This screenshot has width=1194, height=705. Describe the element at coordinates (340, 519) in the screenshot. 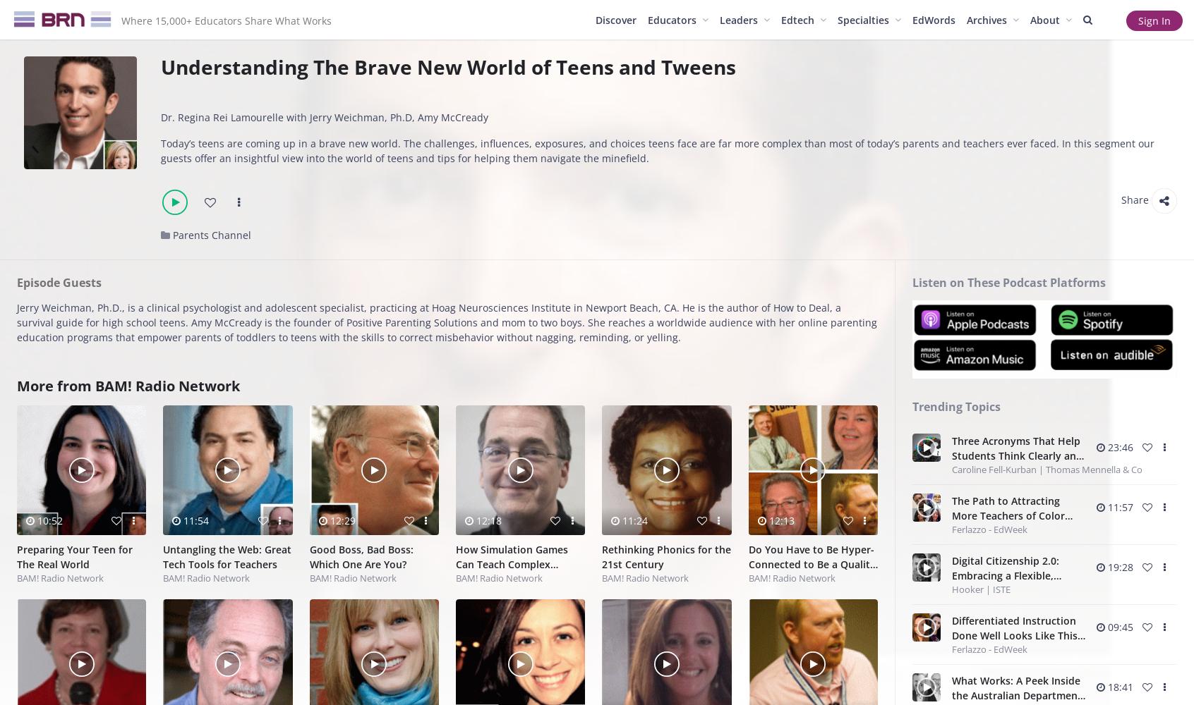

I see `'12:29'` at that location.